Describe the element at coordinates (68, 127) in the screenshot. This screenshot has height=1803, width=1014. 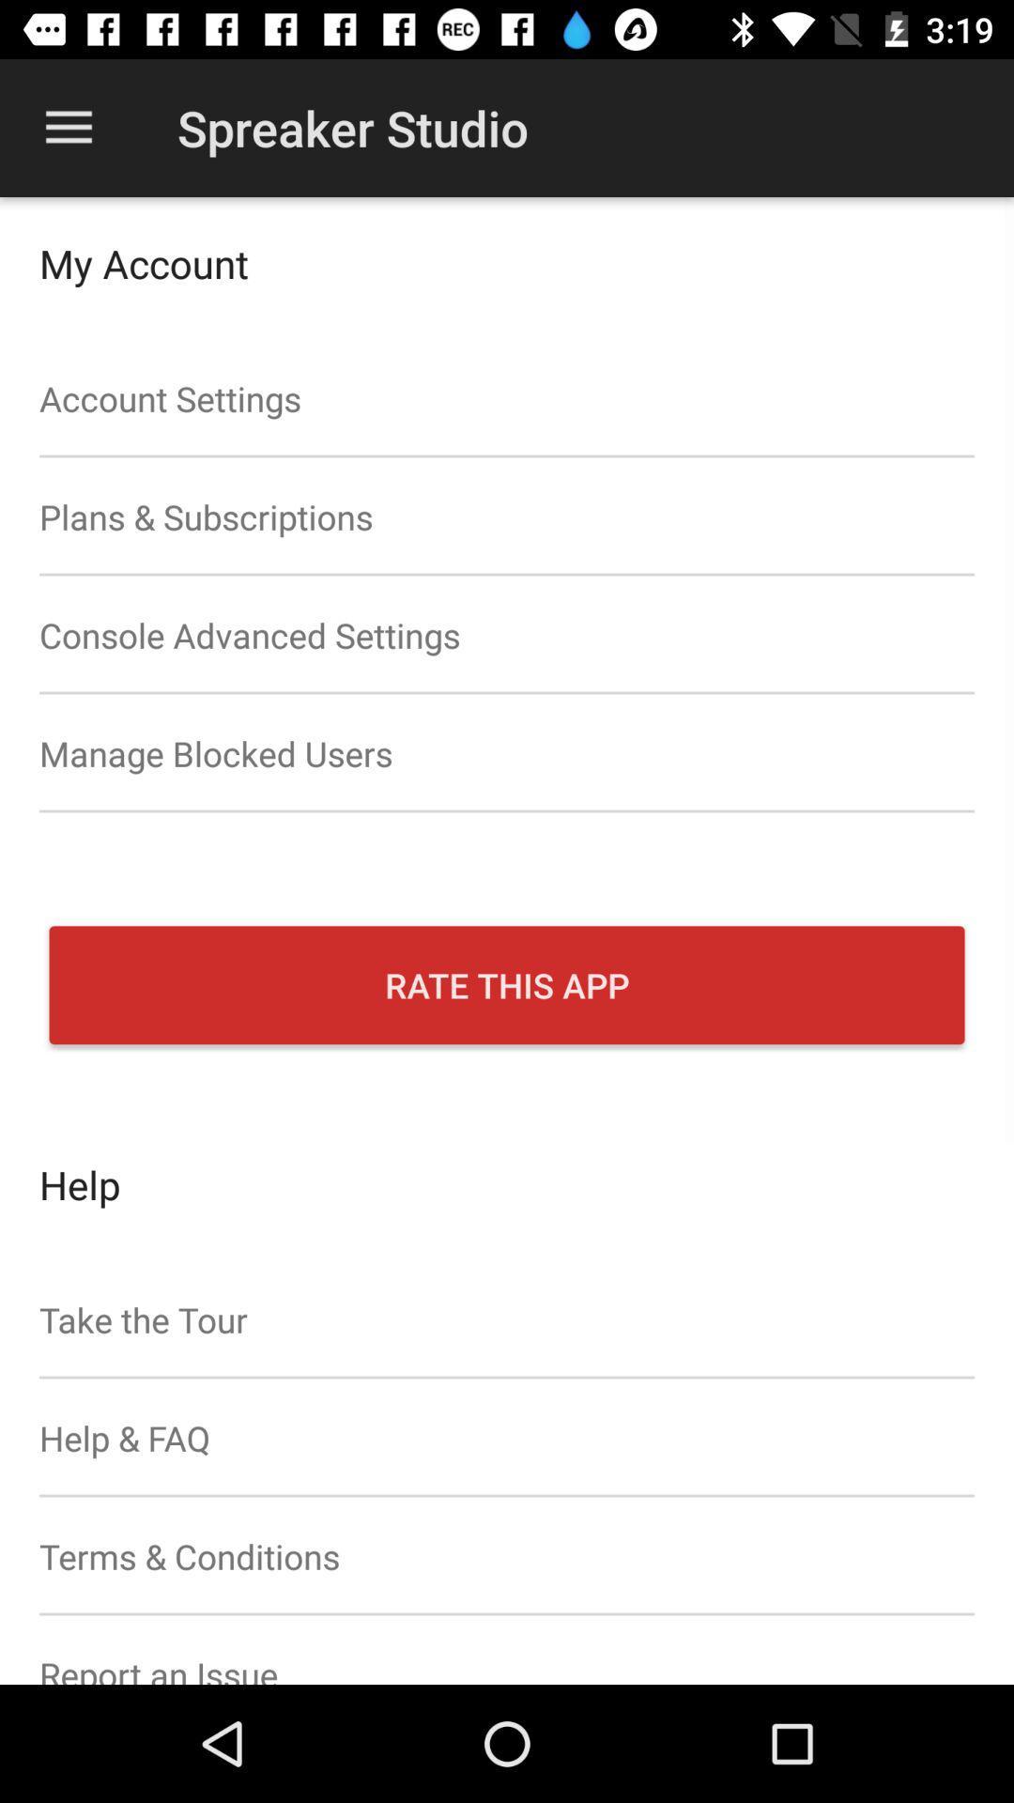
I see `the app to the left of spreaker studio item` at that location.